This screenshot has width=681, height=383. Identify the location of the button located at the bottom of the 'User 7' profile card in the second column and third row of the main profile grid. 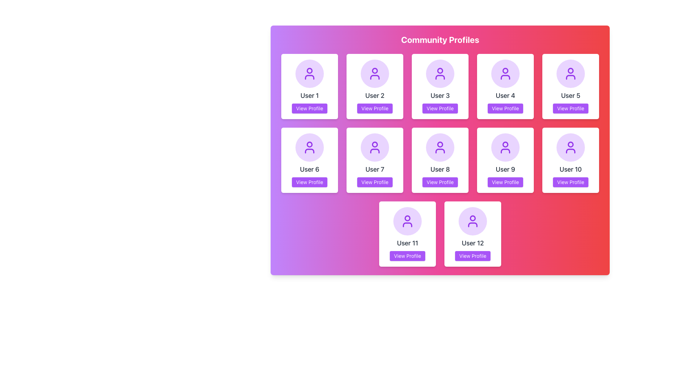
(374, 182).